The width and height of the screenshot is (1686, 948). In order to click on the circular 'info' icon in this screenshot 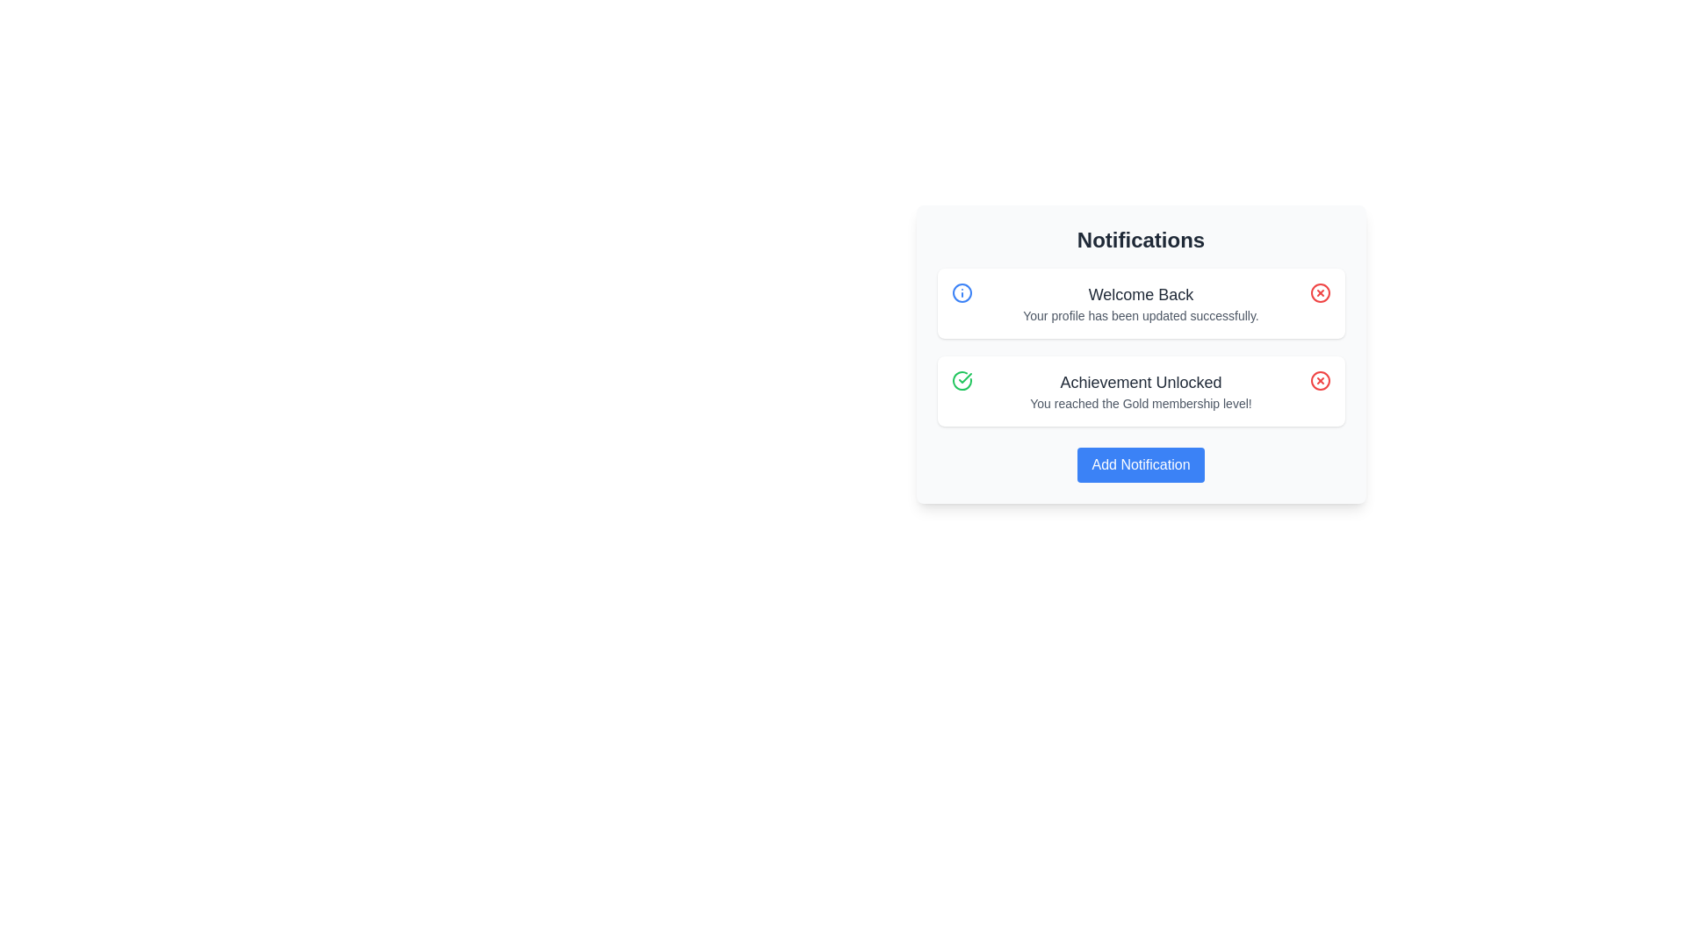, I will do `click(961, 292)`.